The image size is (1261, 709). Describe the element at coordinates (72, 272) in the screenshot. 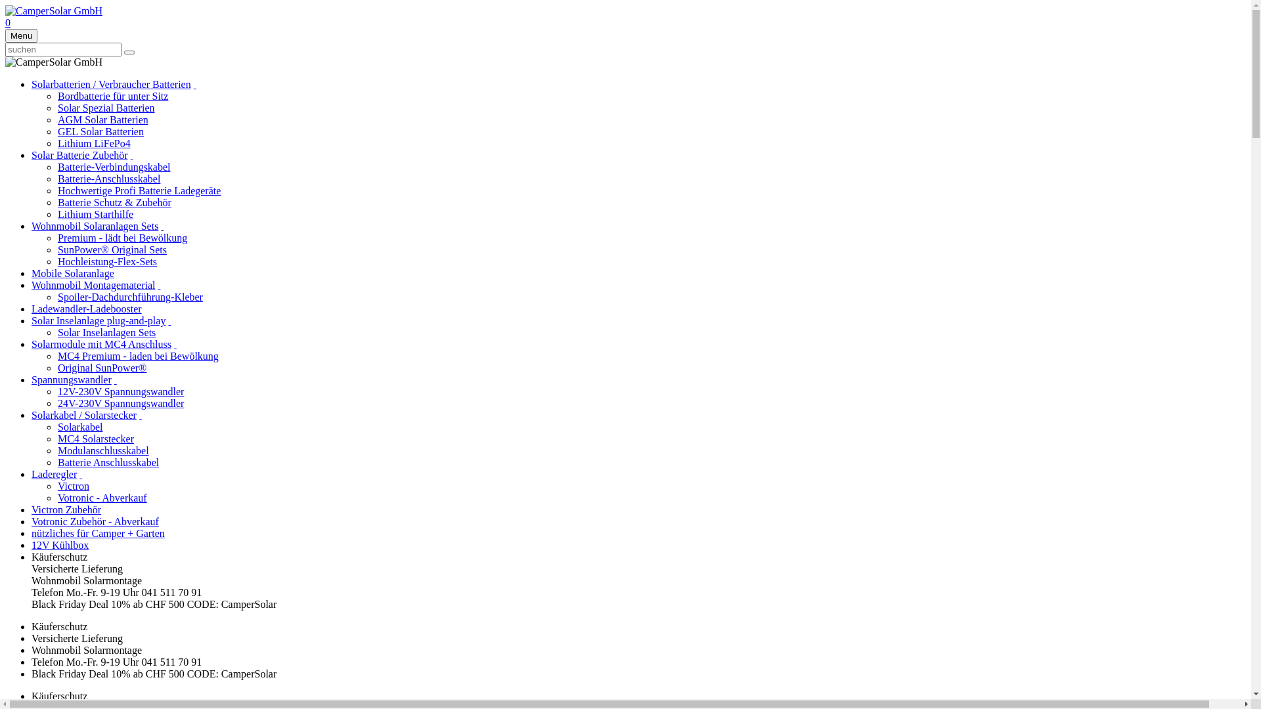

I see `'Mobile Solaranlage'` at that location.